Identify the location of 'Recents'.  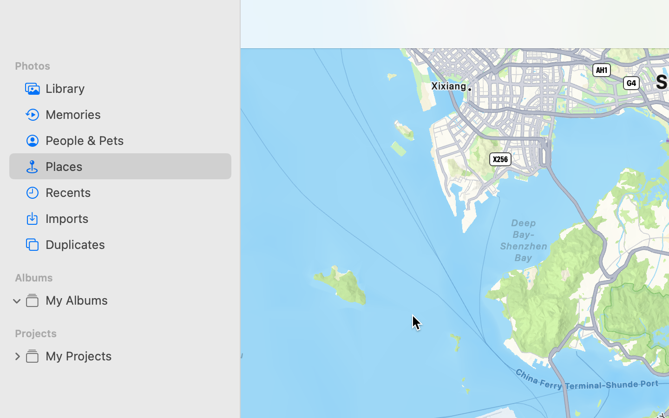
(134, 192).